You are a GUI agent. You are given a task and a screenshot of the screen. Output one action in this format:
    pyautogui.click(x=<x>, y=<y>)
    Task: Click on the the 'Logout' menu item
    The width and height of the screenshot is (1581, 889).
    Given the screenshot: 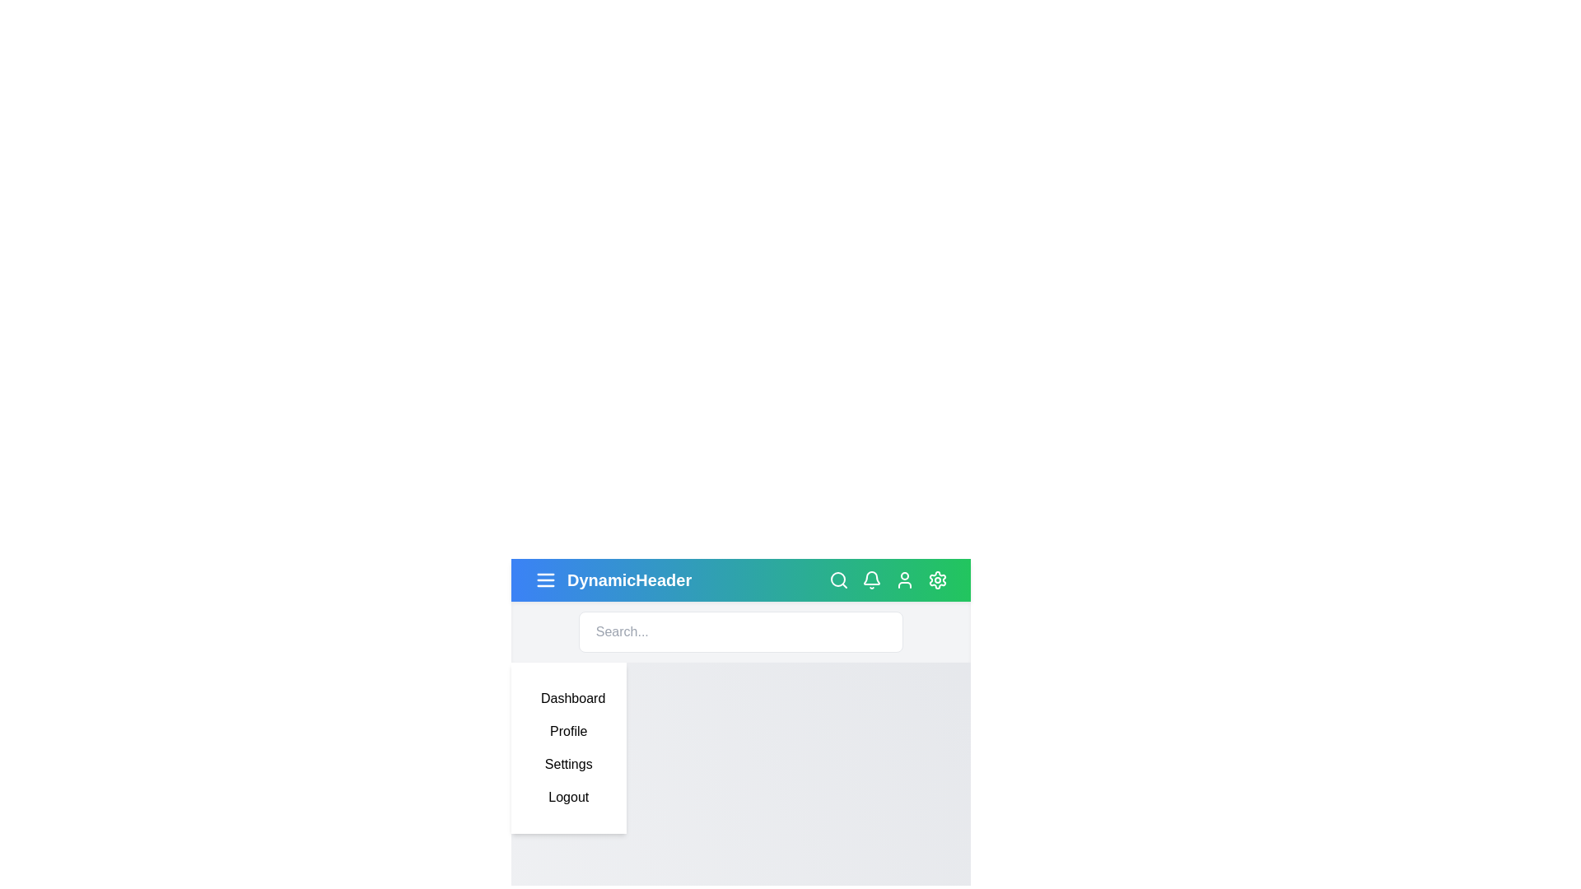 What is the action you would take?
    pyautogui.click(x=568, y=796)
    